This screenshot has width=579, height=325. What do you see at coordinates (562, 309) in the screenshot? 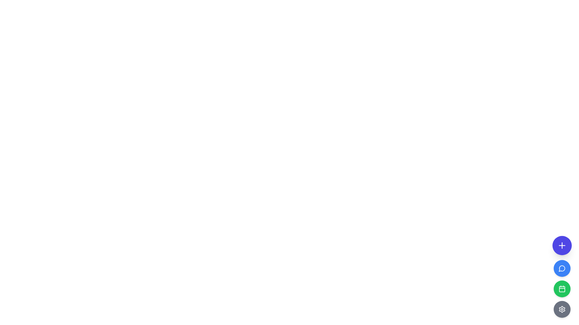
I see `the settings icon located at the bottom-right corner of the interface, beneath other vertically aligned icons` at bounding box center [562, 309].